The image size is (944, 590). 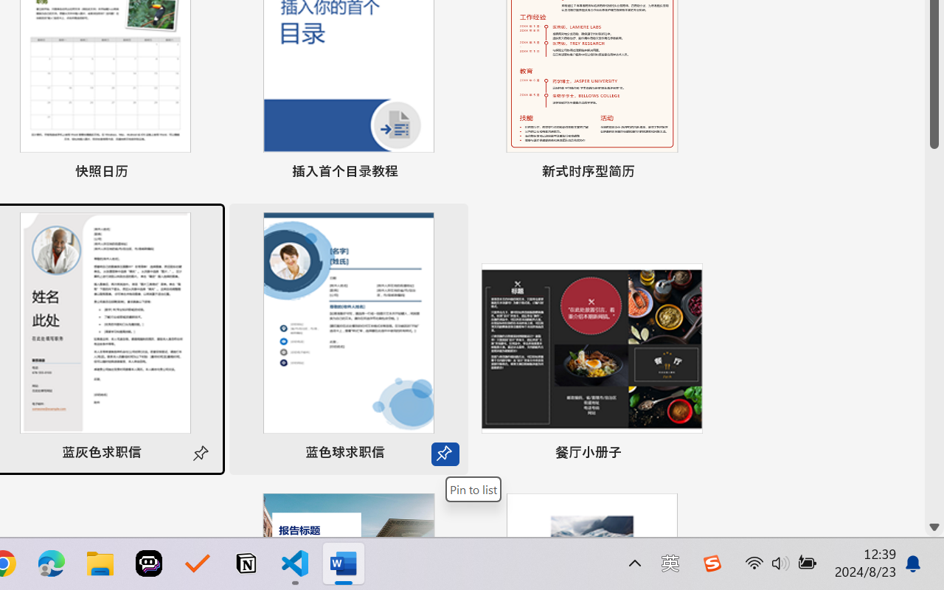 What do you see at coordinates (934, 527) in the screenshot?
I see `'Line down'` at bounding box center [934, 527].